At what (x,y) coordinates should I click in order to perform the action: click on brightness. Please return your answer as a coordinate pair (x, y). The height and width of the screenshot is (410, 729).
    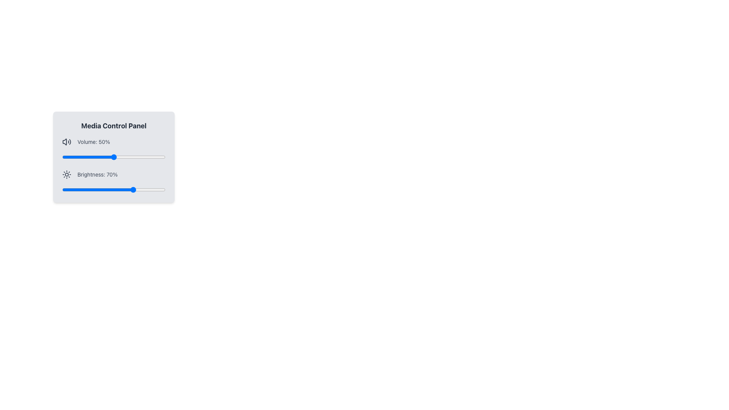
    Looking at the image, I should click on (130, 189).